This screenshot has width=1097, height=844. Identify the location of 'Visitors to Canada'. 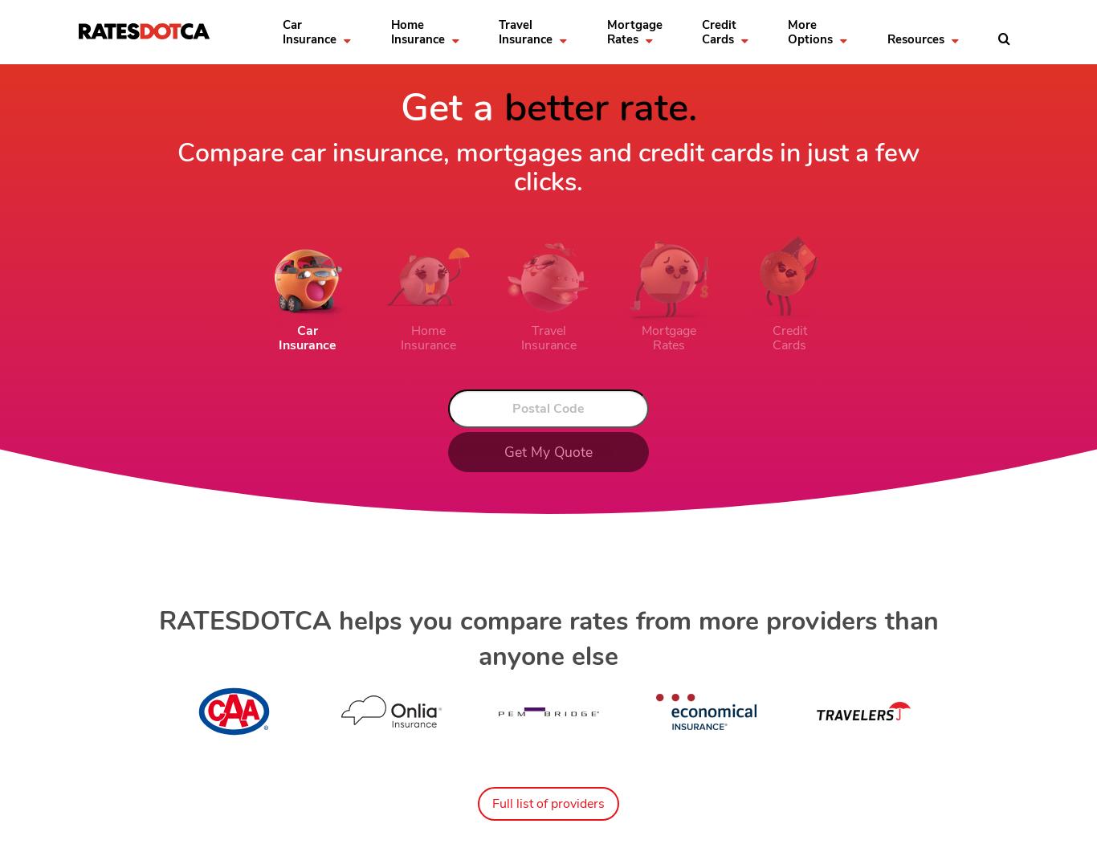
(373, 105).